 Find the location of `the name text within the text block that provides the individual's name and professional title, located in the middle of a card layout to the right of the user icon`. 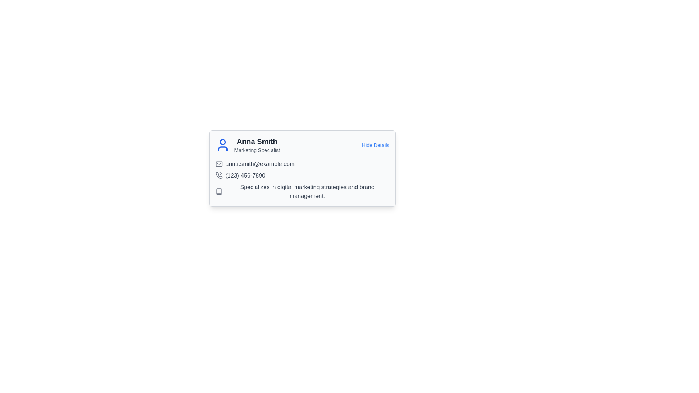

the name text within the text block that provides the individual's name and professional title, located in the middle of a card layout to the right of the user icon is located at coordinates (257, 145).